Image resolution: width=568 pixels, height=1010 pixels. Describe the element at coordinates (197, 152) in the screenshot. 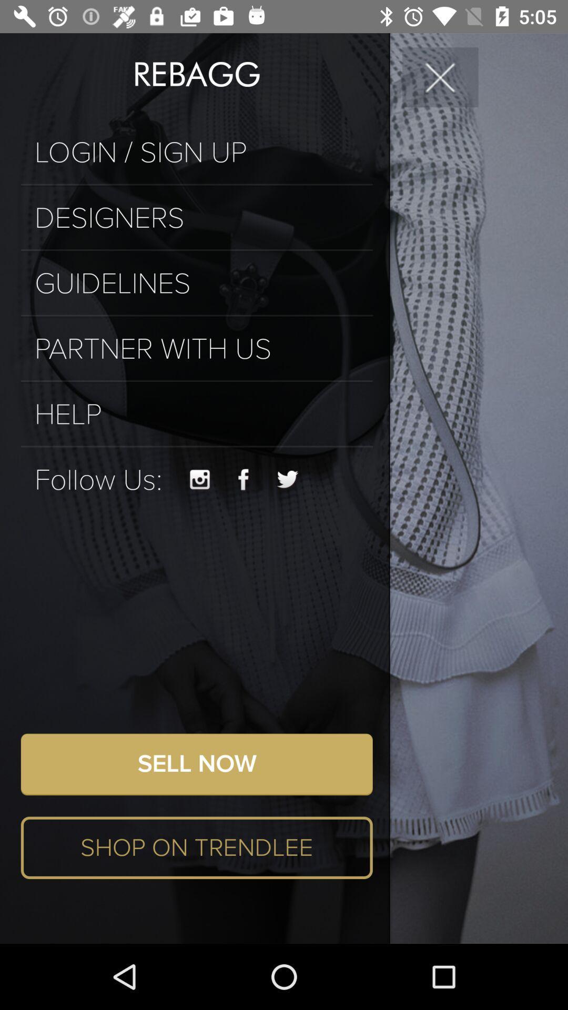

I see `login / sign up icon` at that location.